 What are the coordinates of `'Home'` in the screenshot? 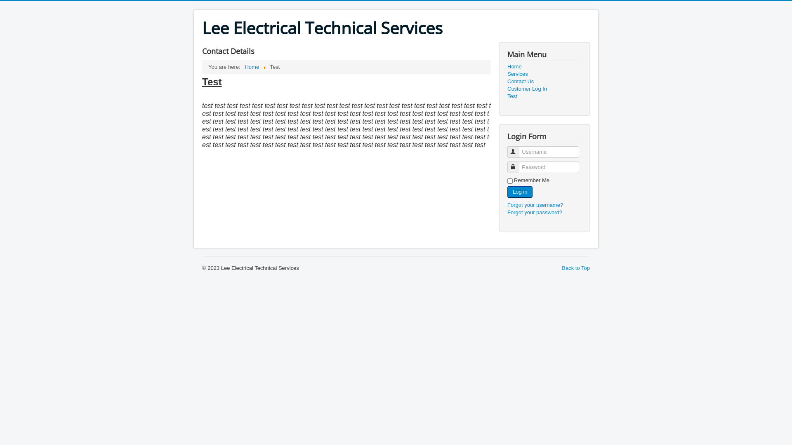 It's located at (544, 66).